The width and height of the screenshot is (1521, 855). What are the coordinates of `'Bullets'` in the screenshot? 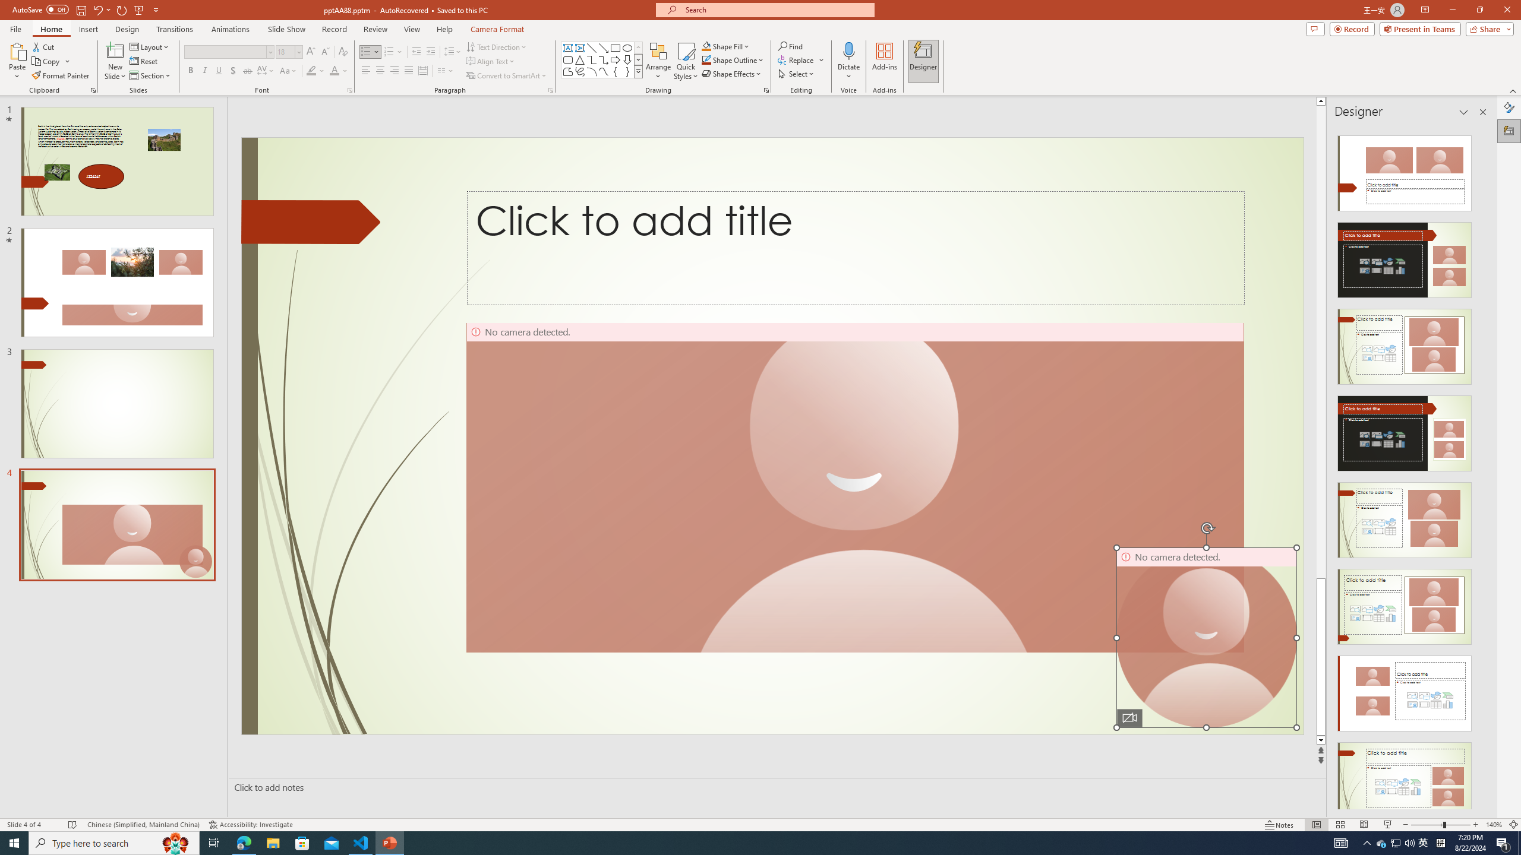 It's located at (370, 52).